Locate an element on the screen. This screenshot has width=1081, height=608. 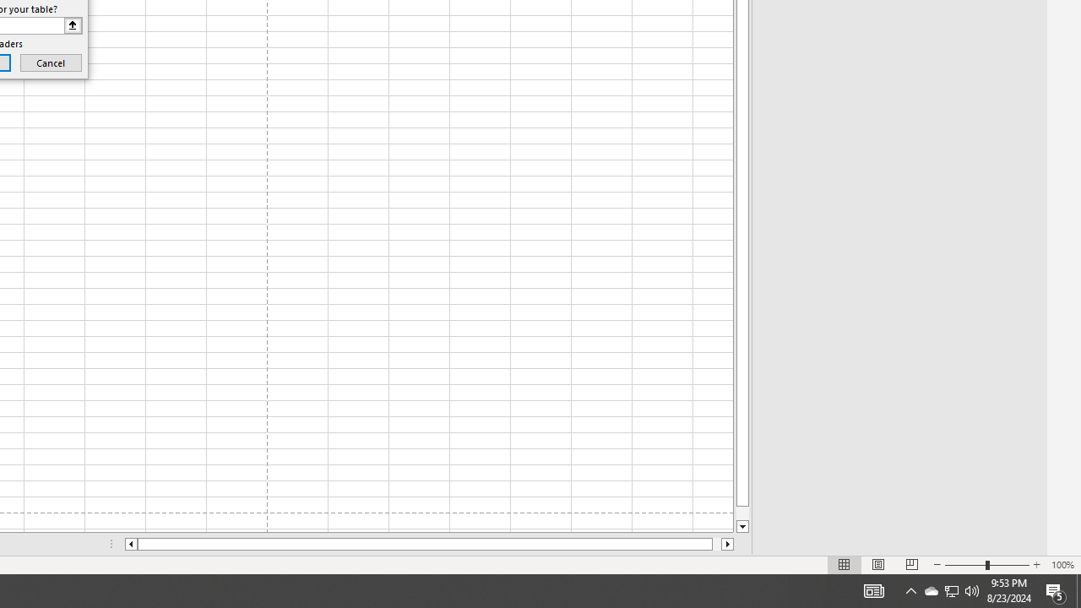
'Zoom Out' is located at coordinates (965, 565).